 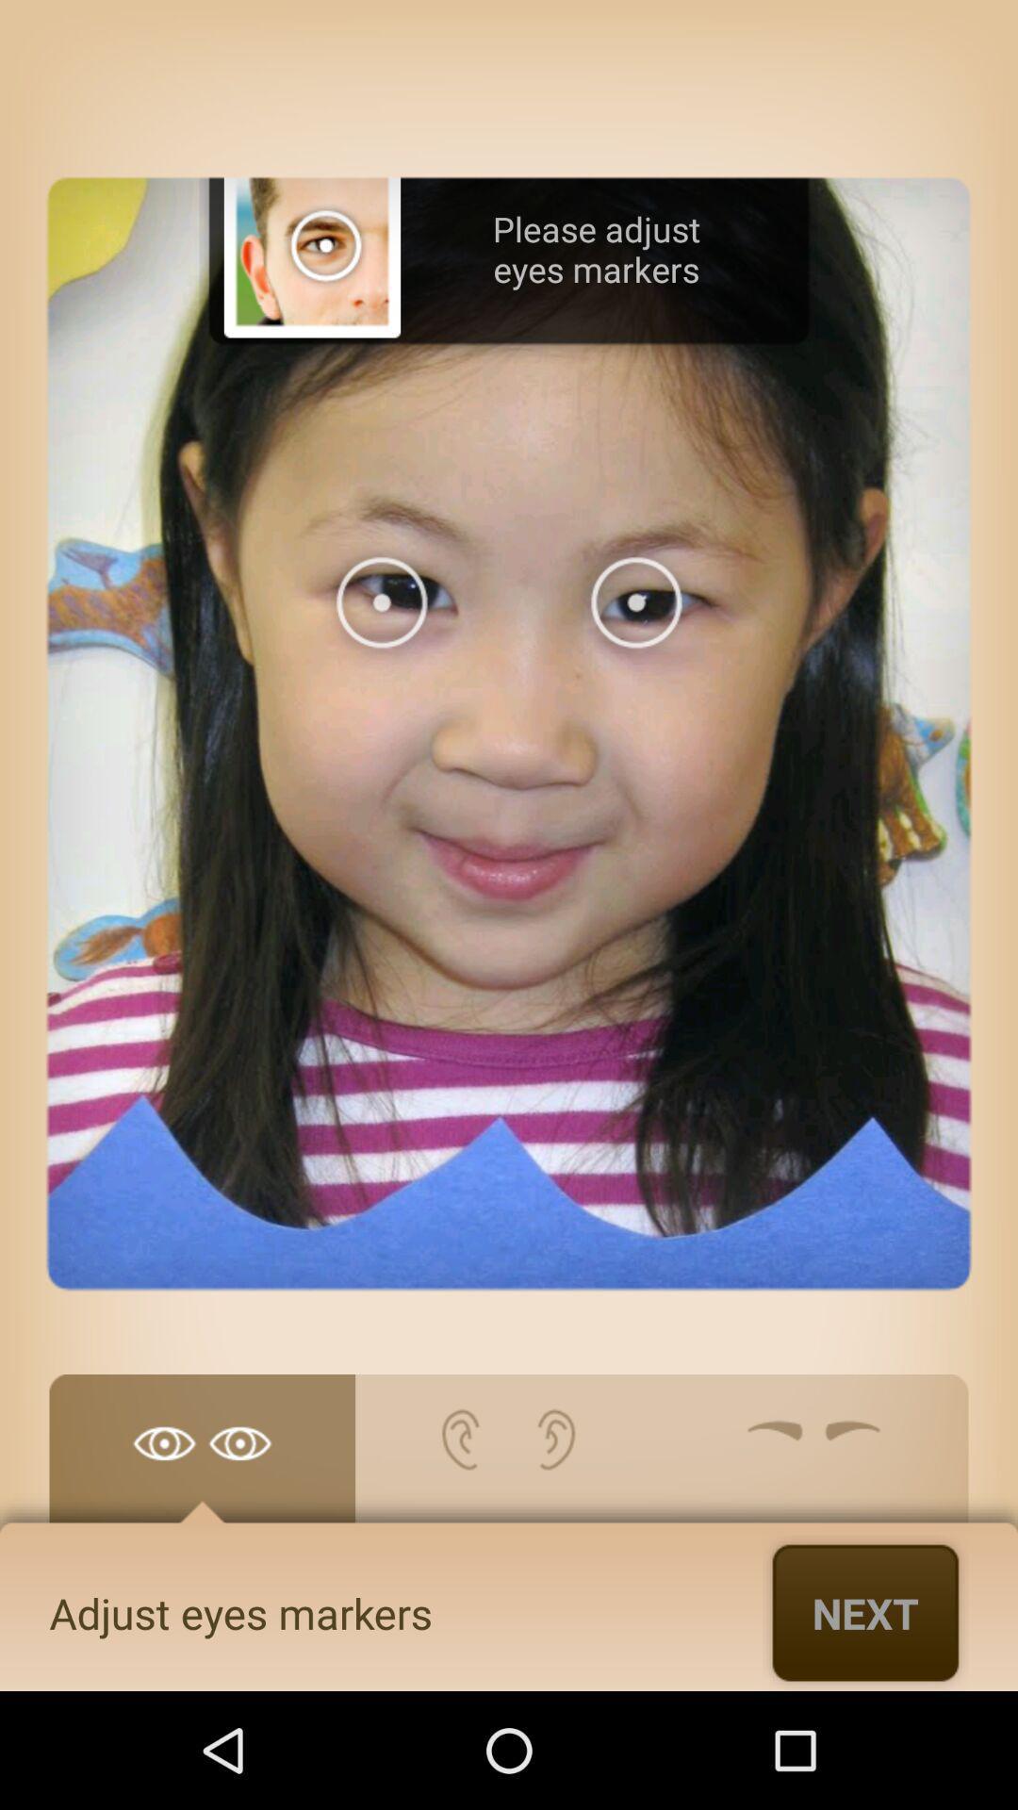 I want to click on app next to adjust eyes markers item, so click(x=865, y=1612).